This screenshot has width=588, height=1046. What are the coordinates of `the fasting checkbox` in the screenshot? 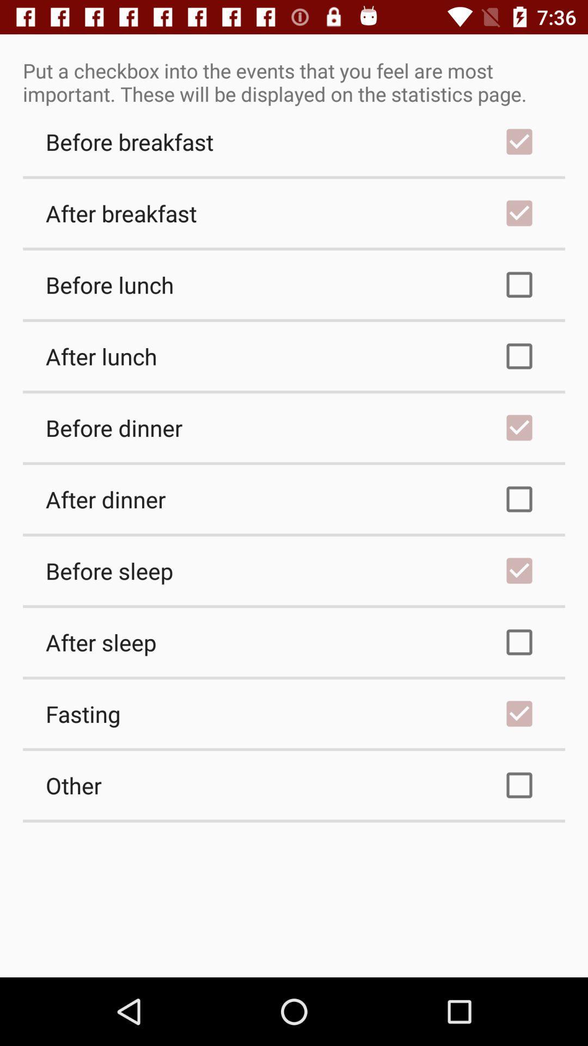 It's located at (294, 714).